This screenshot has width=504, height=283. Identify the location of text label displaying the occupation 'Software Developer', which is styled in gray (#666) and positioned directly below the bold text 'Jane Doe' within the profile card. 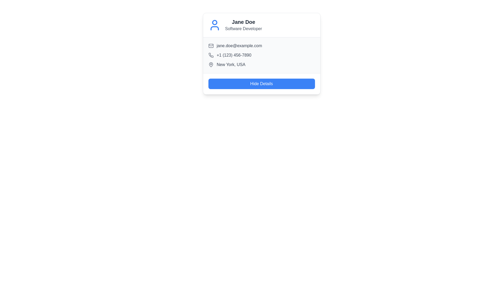
(243, 29).